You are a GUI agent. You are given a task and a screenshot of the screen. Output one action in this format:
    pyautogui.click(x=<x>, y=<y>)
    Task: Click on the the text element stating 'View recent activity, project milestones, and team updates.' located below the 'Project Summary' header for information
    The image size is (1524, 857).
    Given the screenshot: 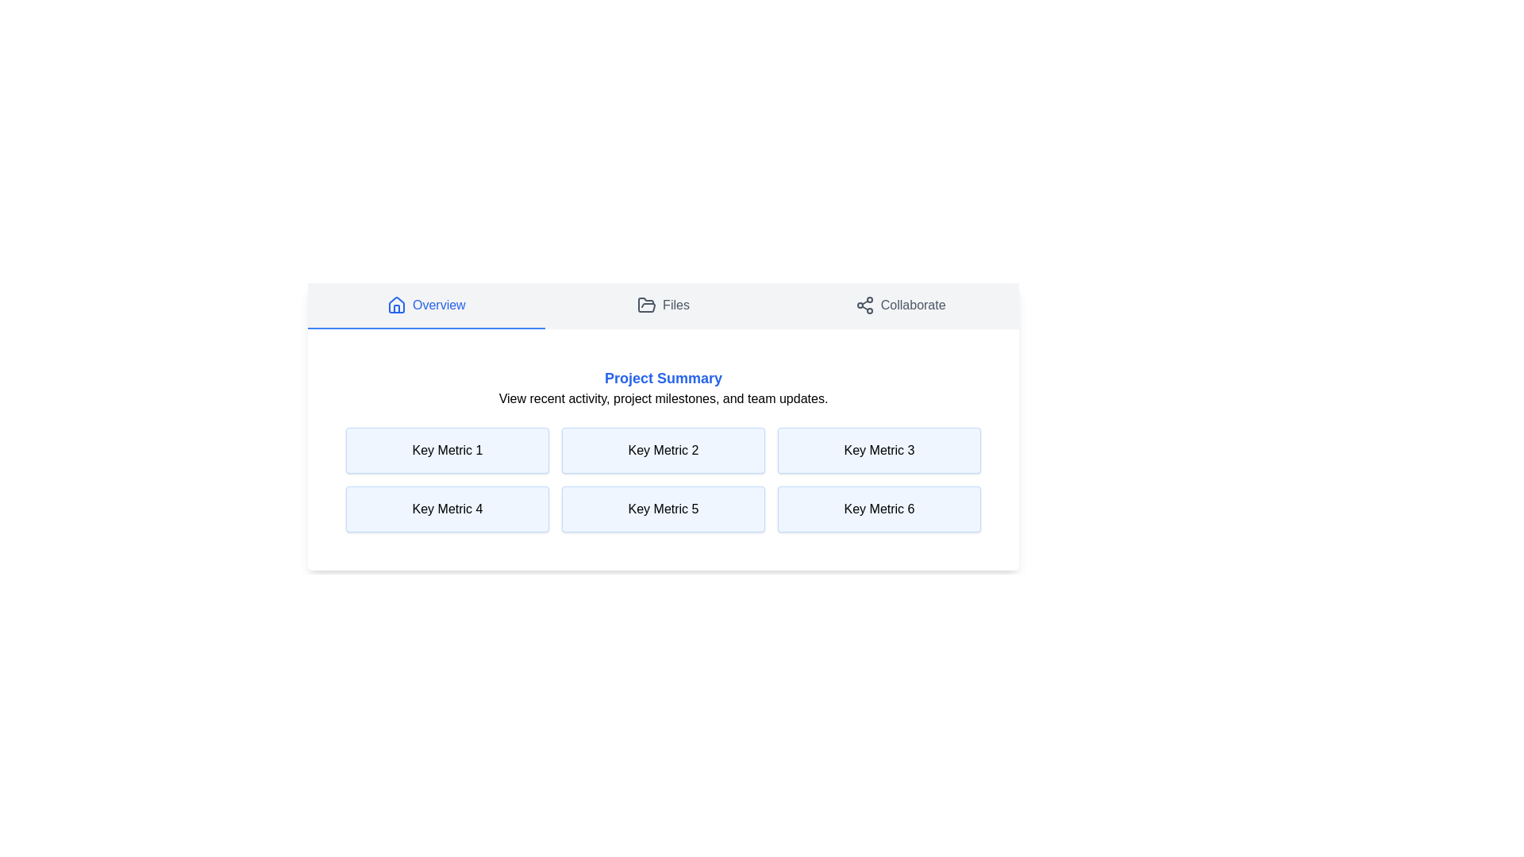 What is the action you would take?
    pyautogui.click(x=663, y=398)
    